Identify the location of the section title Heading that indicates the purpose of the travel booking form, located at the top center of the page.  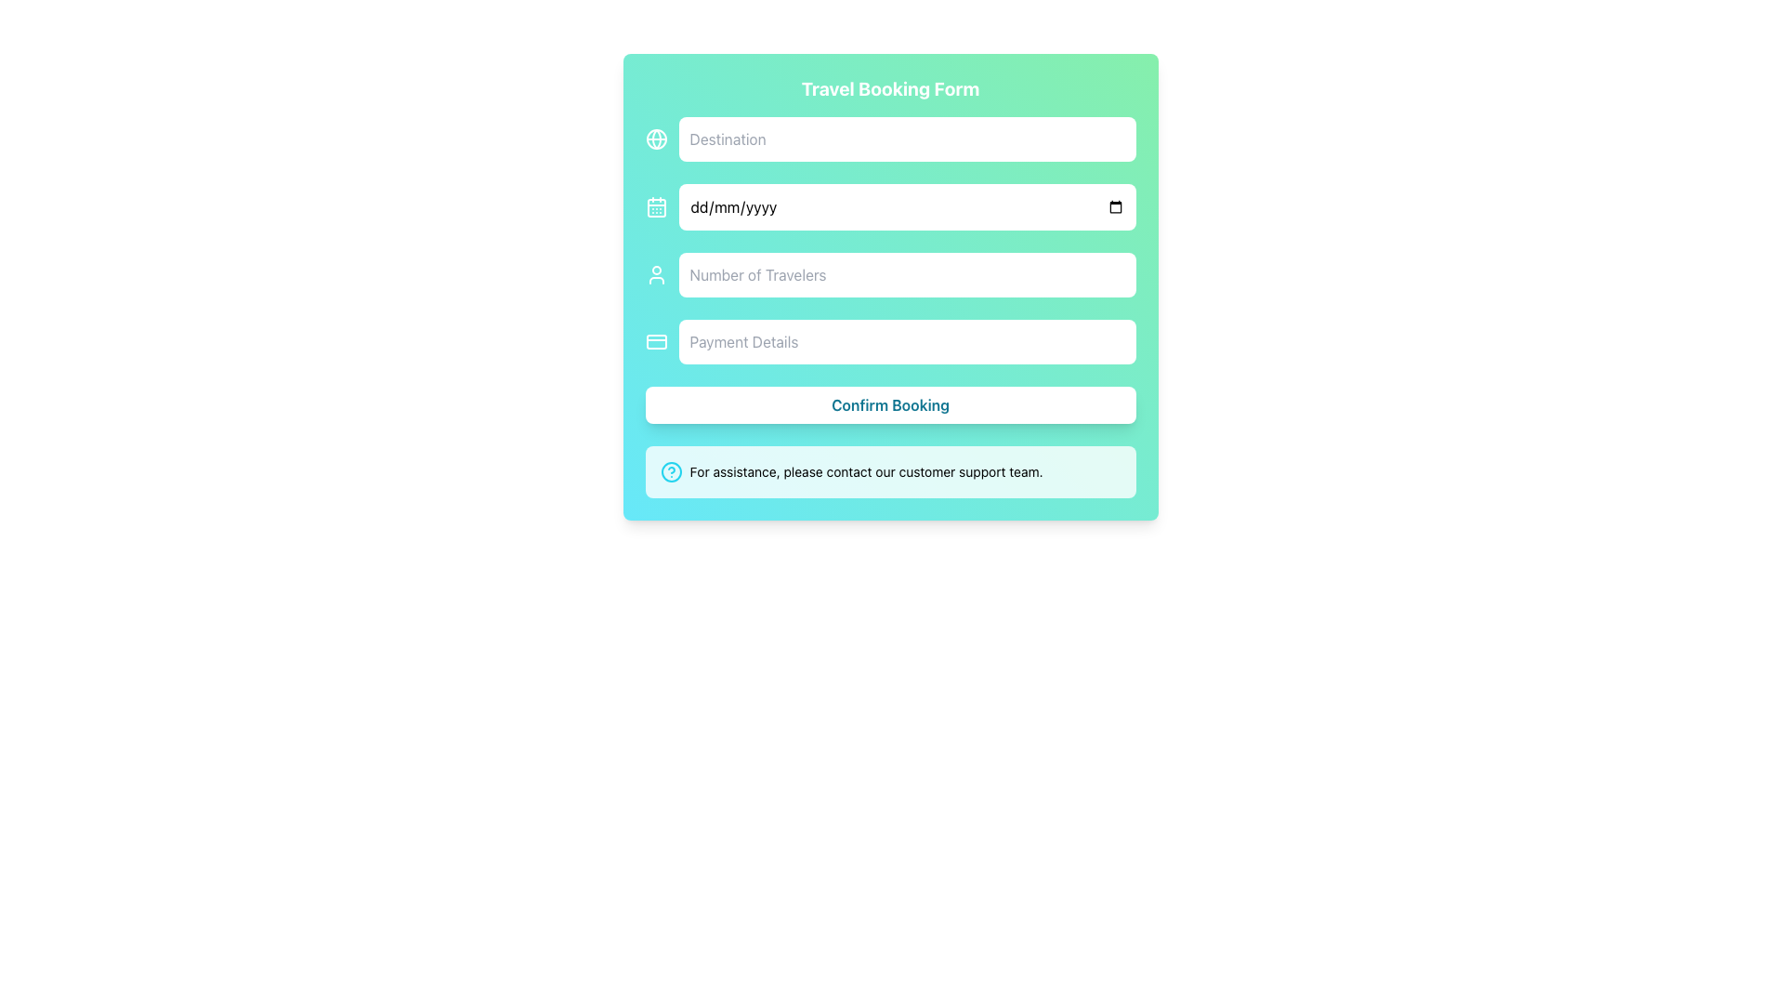
(889, 89).